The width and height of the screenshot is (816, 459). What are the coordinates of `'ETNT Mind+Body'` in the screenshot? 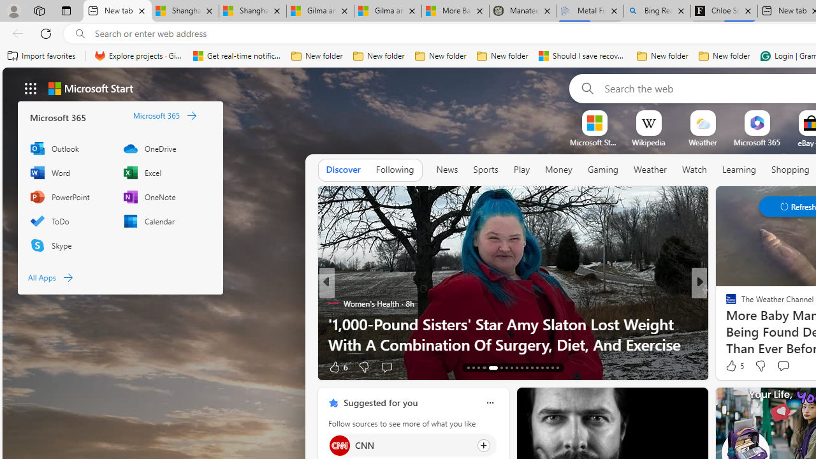 It's located at (725, 303).